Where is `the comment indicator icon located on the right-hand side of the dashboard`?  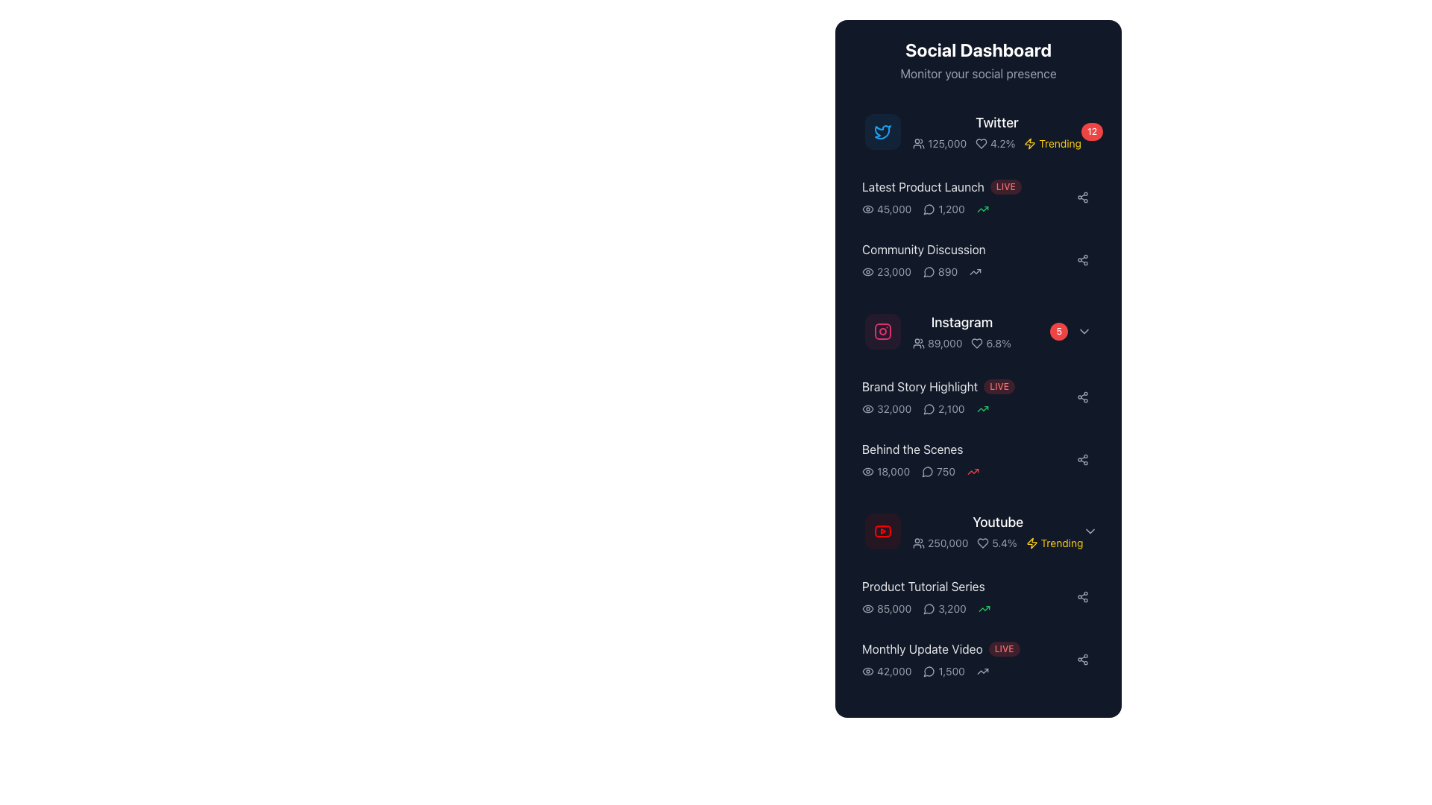
the comment indicator icon located on the right-hand side of the dashboard is located at coordinates (929, 672).